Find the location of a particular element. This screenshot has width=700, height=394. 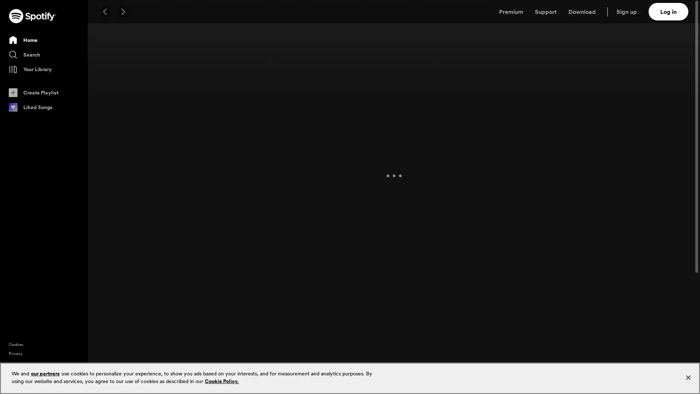

Play Fresh Finds R&B is located at coordinates (222, 101).